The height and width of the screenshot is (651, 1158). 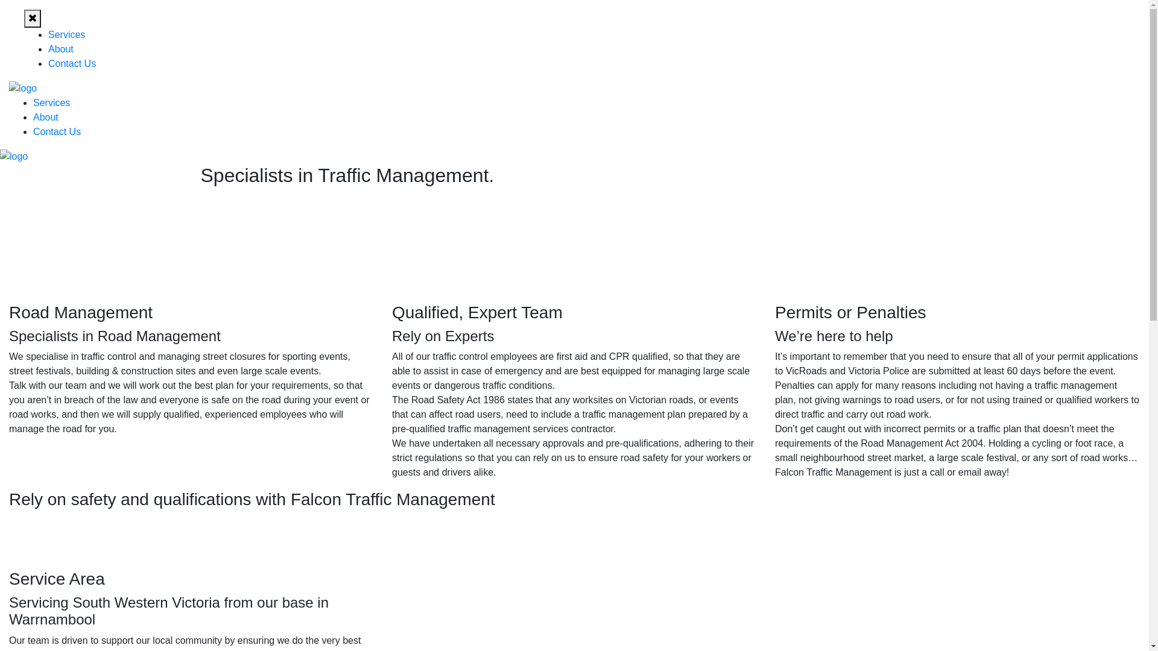 I want to click on 'About', so click(x=46, y=117).